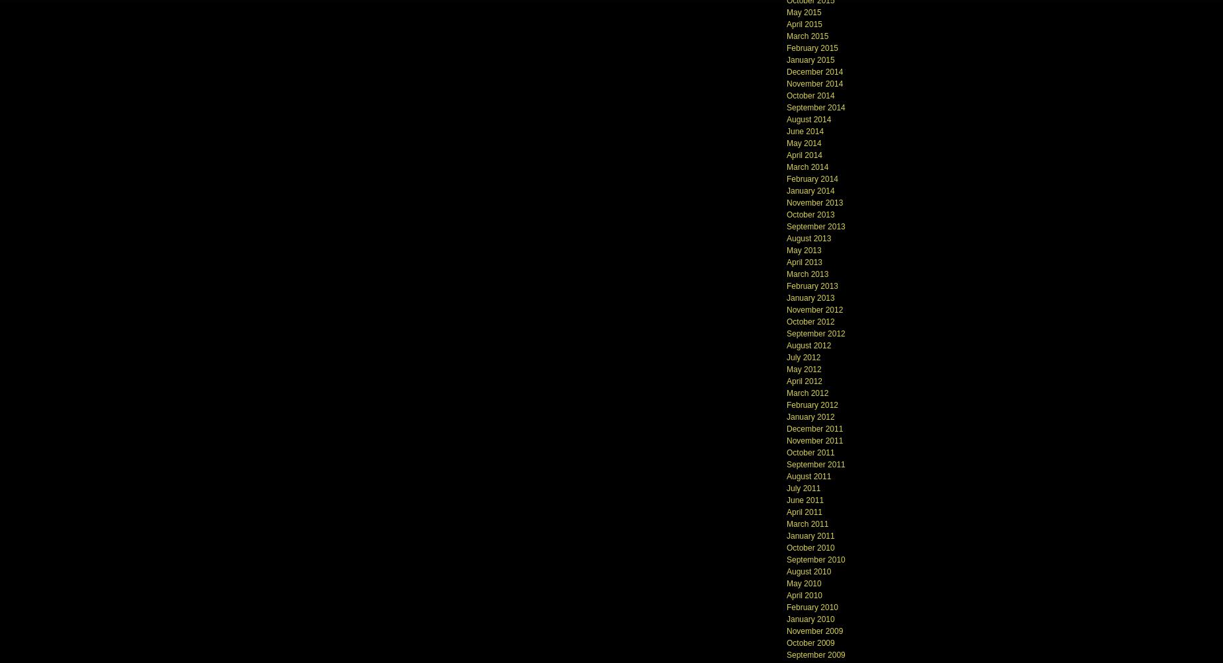  Describe the element at coordinates (809, 642) in the screenshot. I see `'October 2009'` at that location.